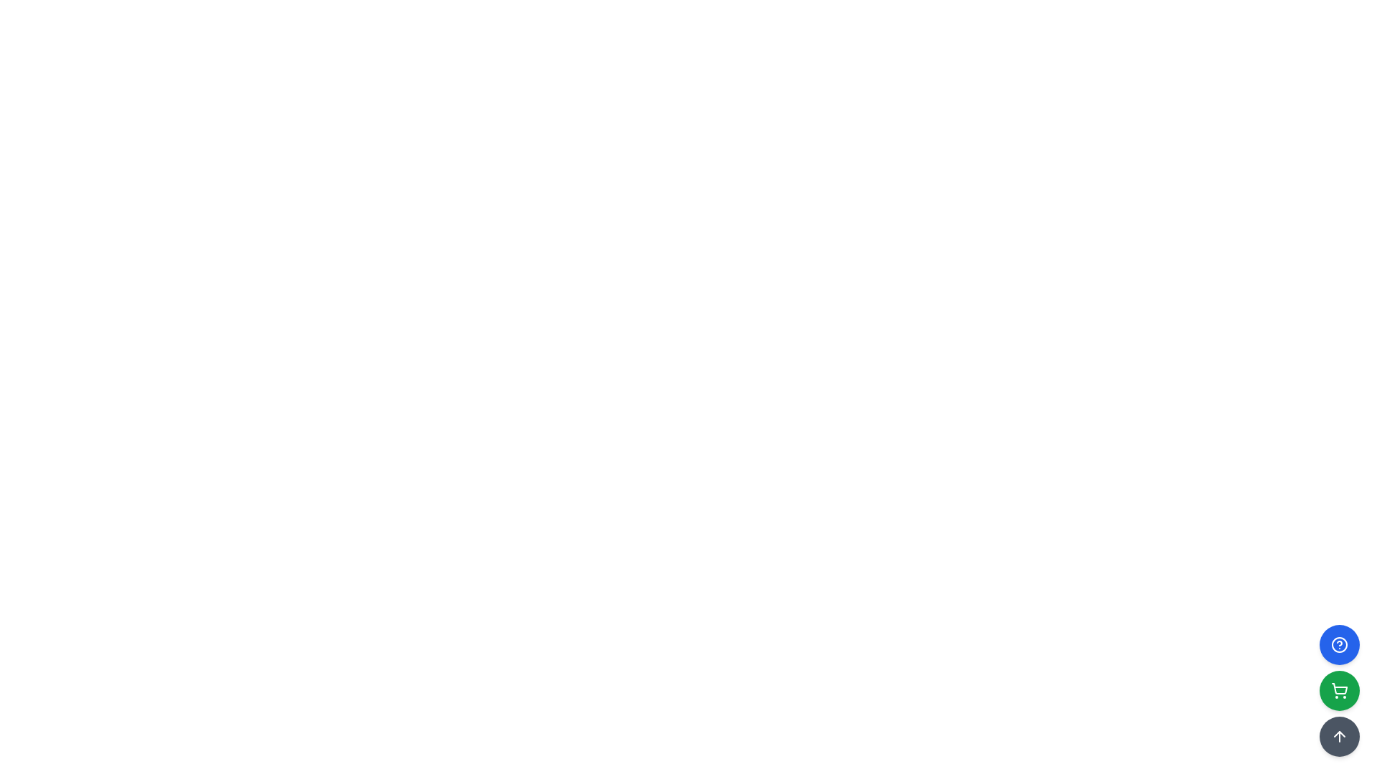  What do you see at coordinates (1338, 737) in the screenshot?
I see `the small upward-pointing arrow icon located at the center of the circular button in the bottom-right corner of the interface for interaction feedback` at bounding box center [1338, 737].